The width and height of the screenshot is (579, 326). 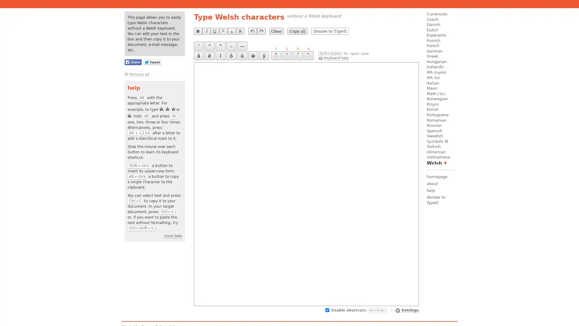 What do you see at coordinates (198, 31) in the screenshot?
I see `B` at bounding box center [198, 31].